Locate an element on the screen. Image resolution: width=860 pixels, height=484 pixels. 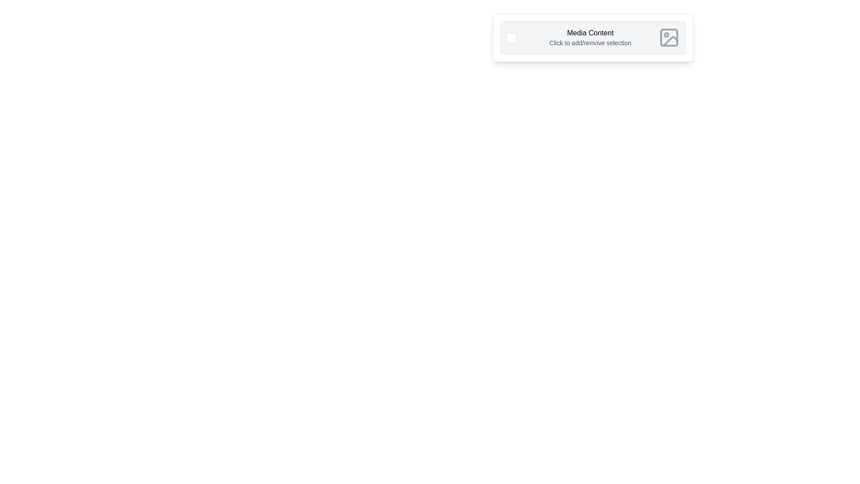
the selectable item card located at the center with a checkbox, title, subtitle, and icon to initiate further details is located at coordinates (593, 37).